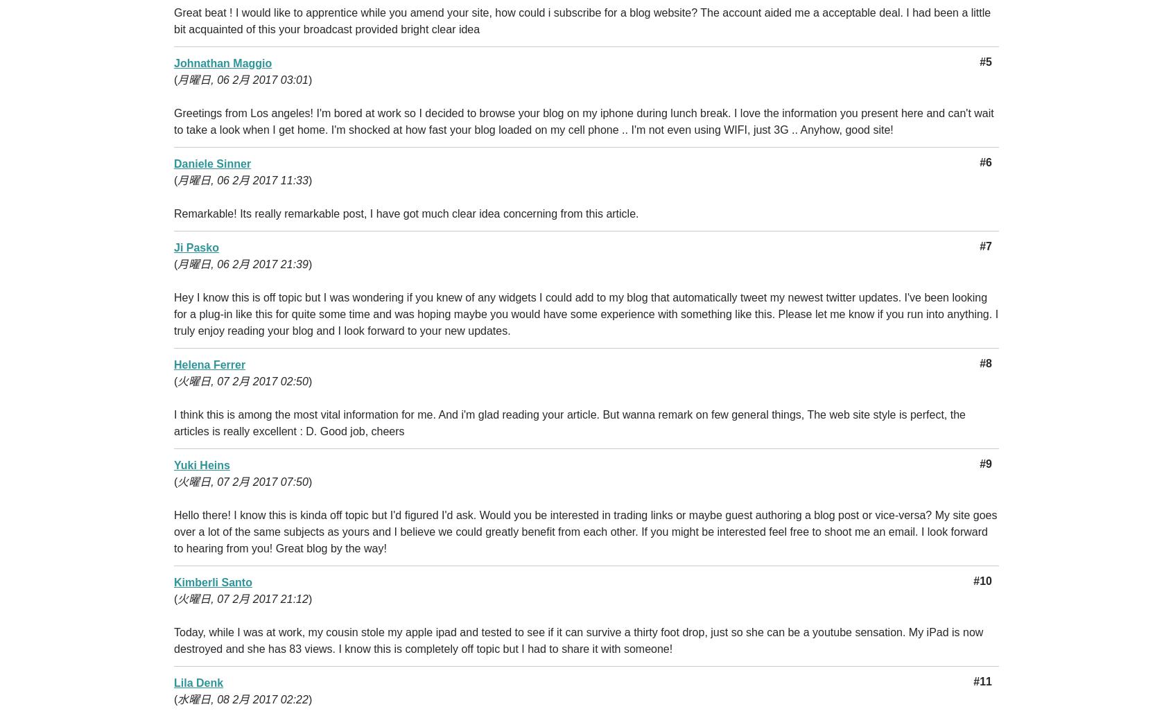  I want to click on '月曜日, 06 2月 2017 03:01', so click(242, 80).